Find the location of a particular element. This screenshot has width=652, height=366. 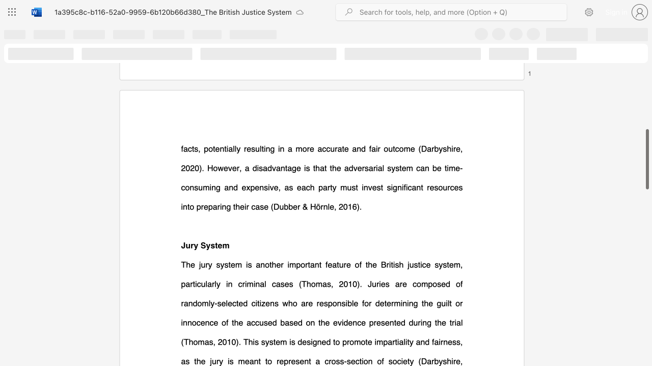

the subset text "r determining the guilt or innocence of the accused based on the evidence presented durin" within the text "The jury system is another important feature of the British justice system, particularly in criminal cases (Thomas, 2010). Juries are composed of randomly-selected citizens who are responsible for determining the guilt or innocence of the accused based on the evidence presented during the trial (Thomas, 2010). This system is designed to promote impartiality and fairness, as the jury is meant to represent a cross-section of society (Darbyshire," is located at coordinates (368, 302).